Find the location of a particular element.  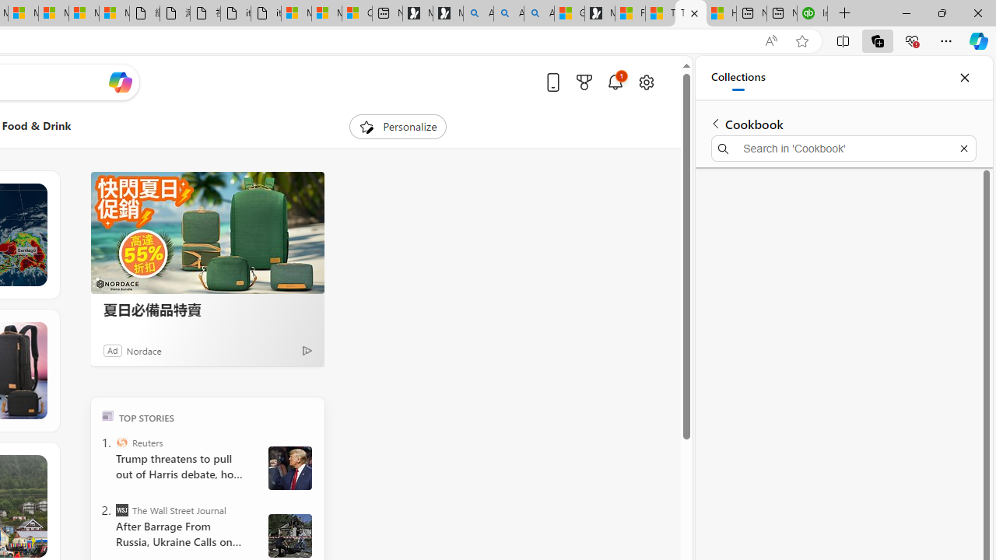

'Back to list of collections' is located at coordinates (715, 123).